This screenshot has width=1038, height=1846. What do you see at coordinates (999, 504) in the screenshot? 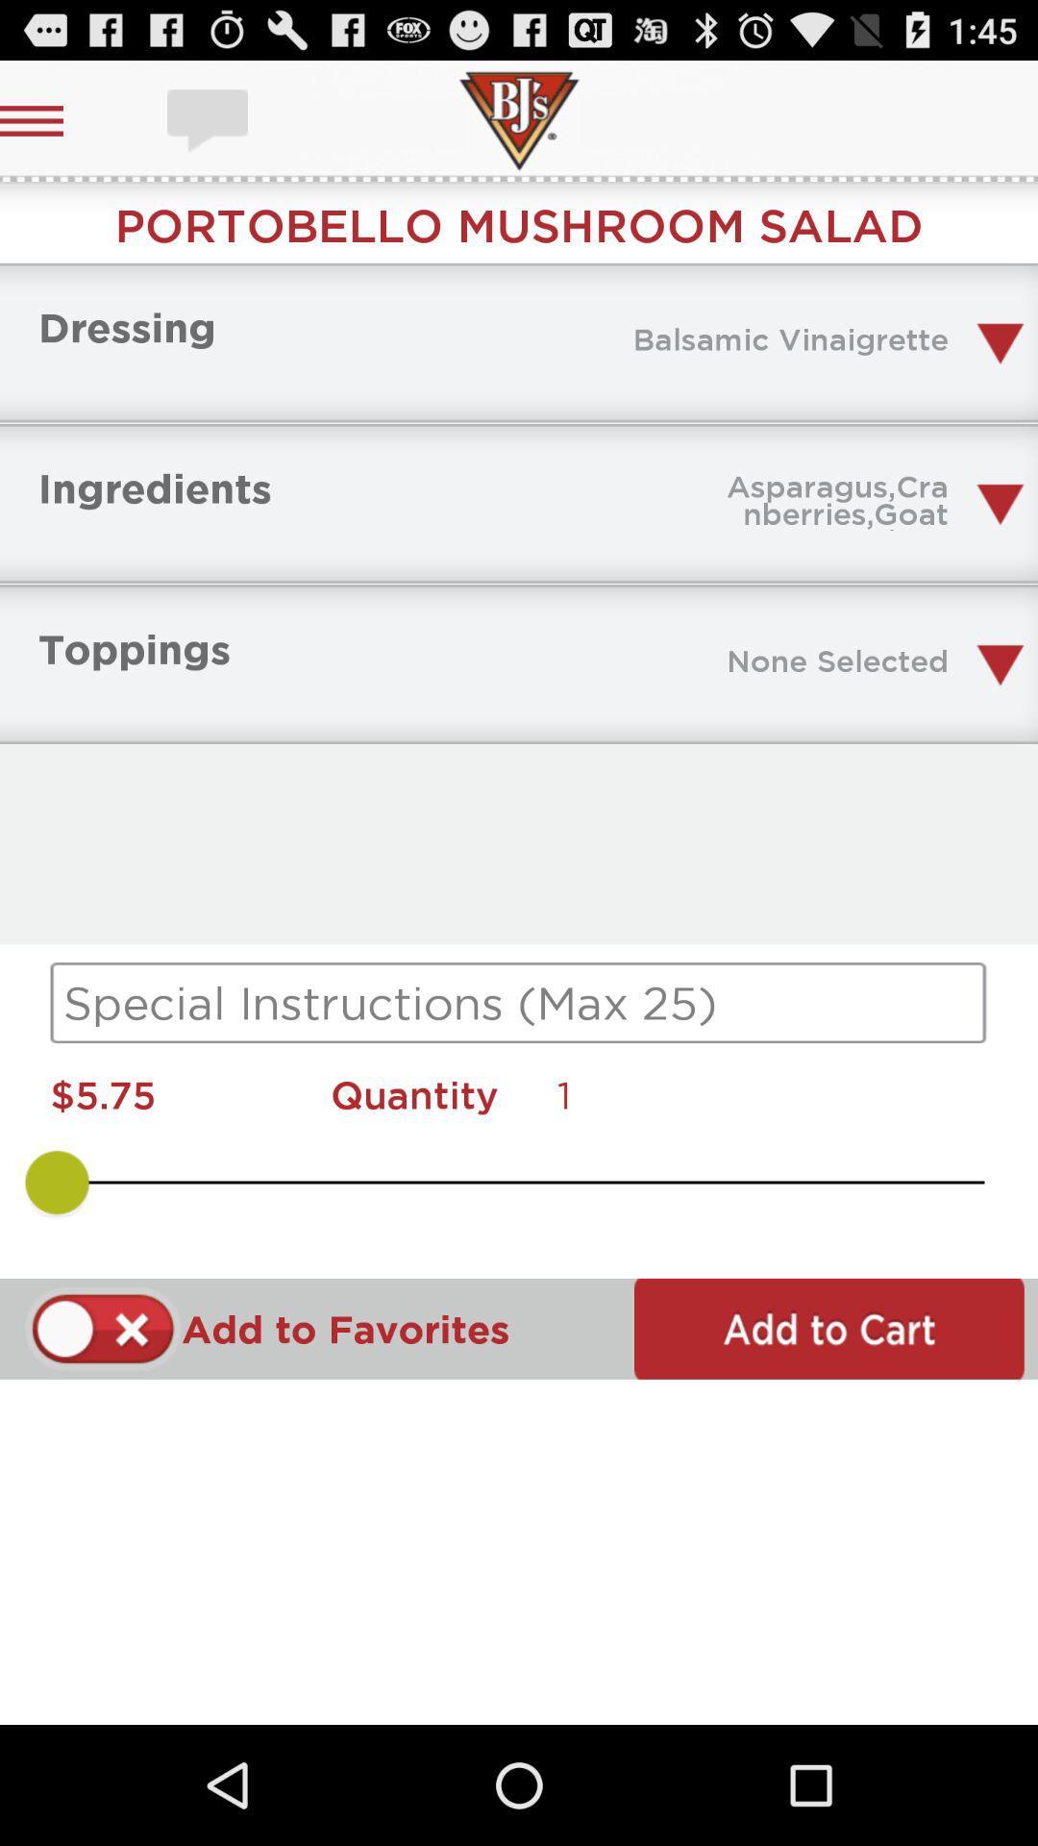
I see `the down arrow to the right of ingredients text` at bounding box center [999, 504].